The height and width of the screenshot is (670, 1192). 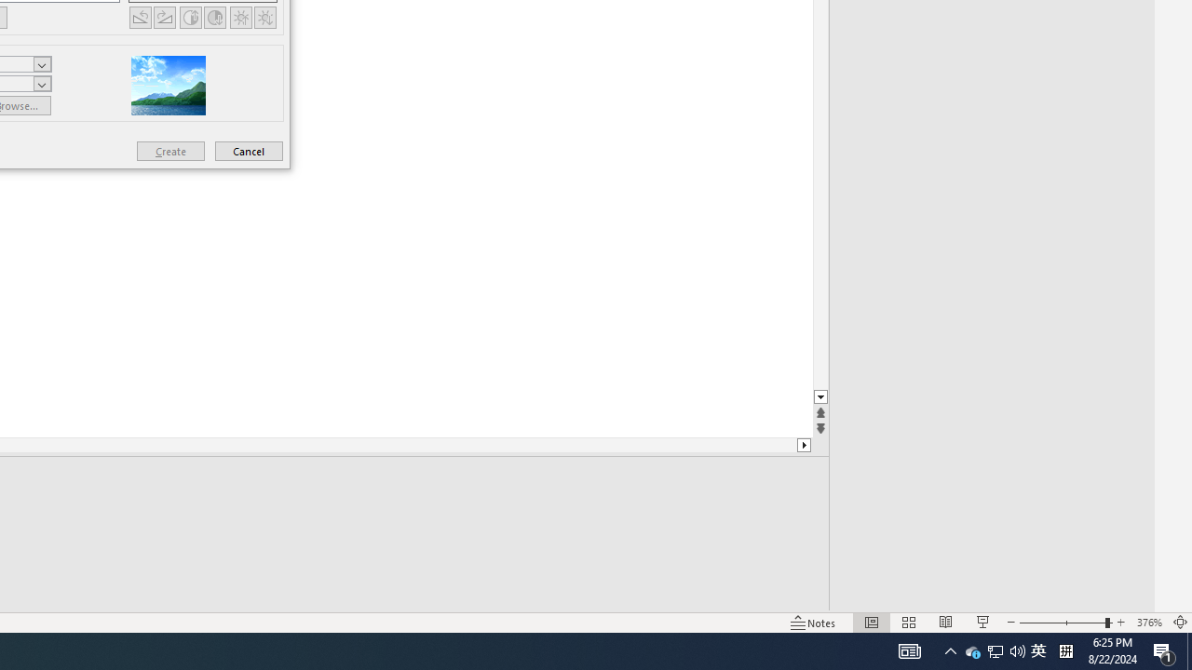 What do you see at coordinates (1164, 650) in the screenshot?
I see `'Action Center, 1 new notification'` at bounding box center [1164, 650].